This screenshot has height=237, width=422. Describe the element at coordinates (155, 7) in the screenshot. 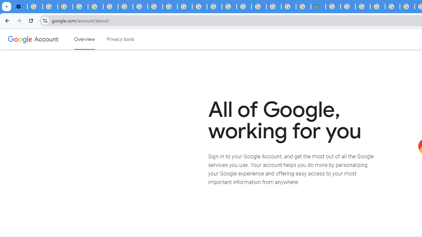

I see `'Privacy Checkup'` at that location.